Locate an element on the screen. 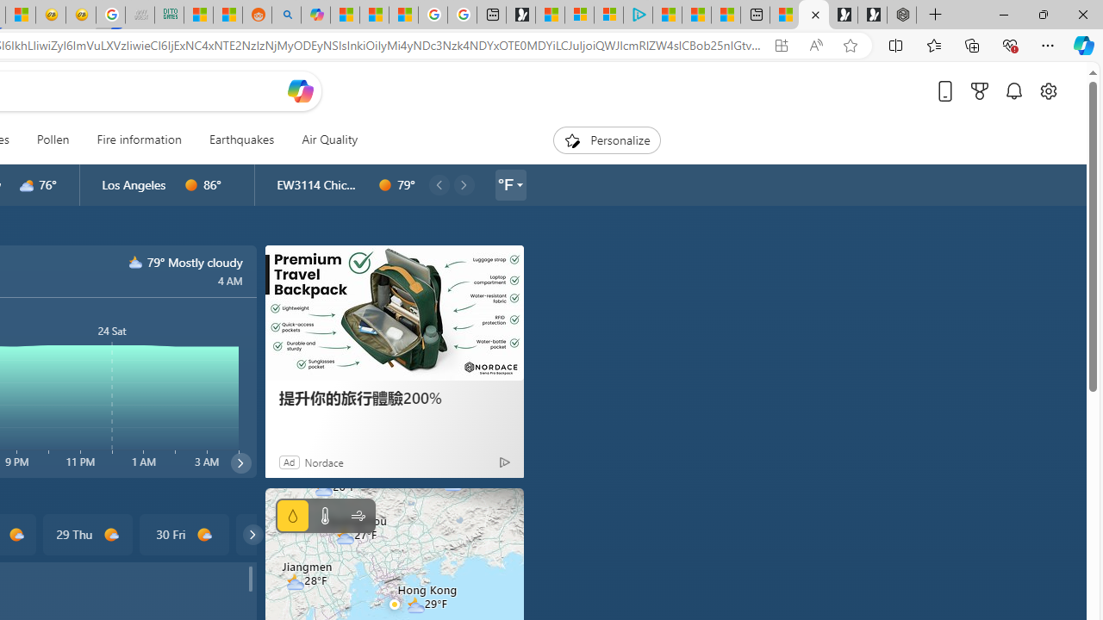 Image resolution: width=1103 pixels, height=620 pixels. 'locationBar/triangle' is located at coordinates (518, 184).